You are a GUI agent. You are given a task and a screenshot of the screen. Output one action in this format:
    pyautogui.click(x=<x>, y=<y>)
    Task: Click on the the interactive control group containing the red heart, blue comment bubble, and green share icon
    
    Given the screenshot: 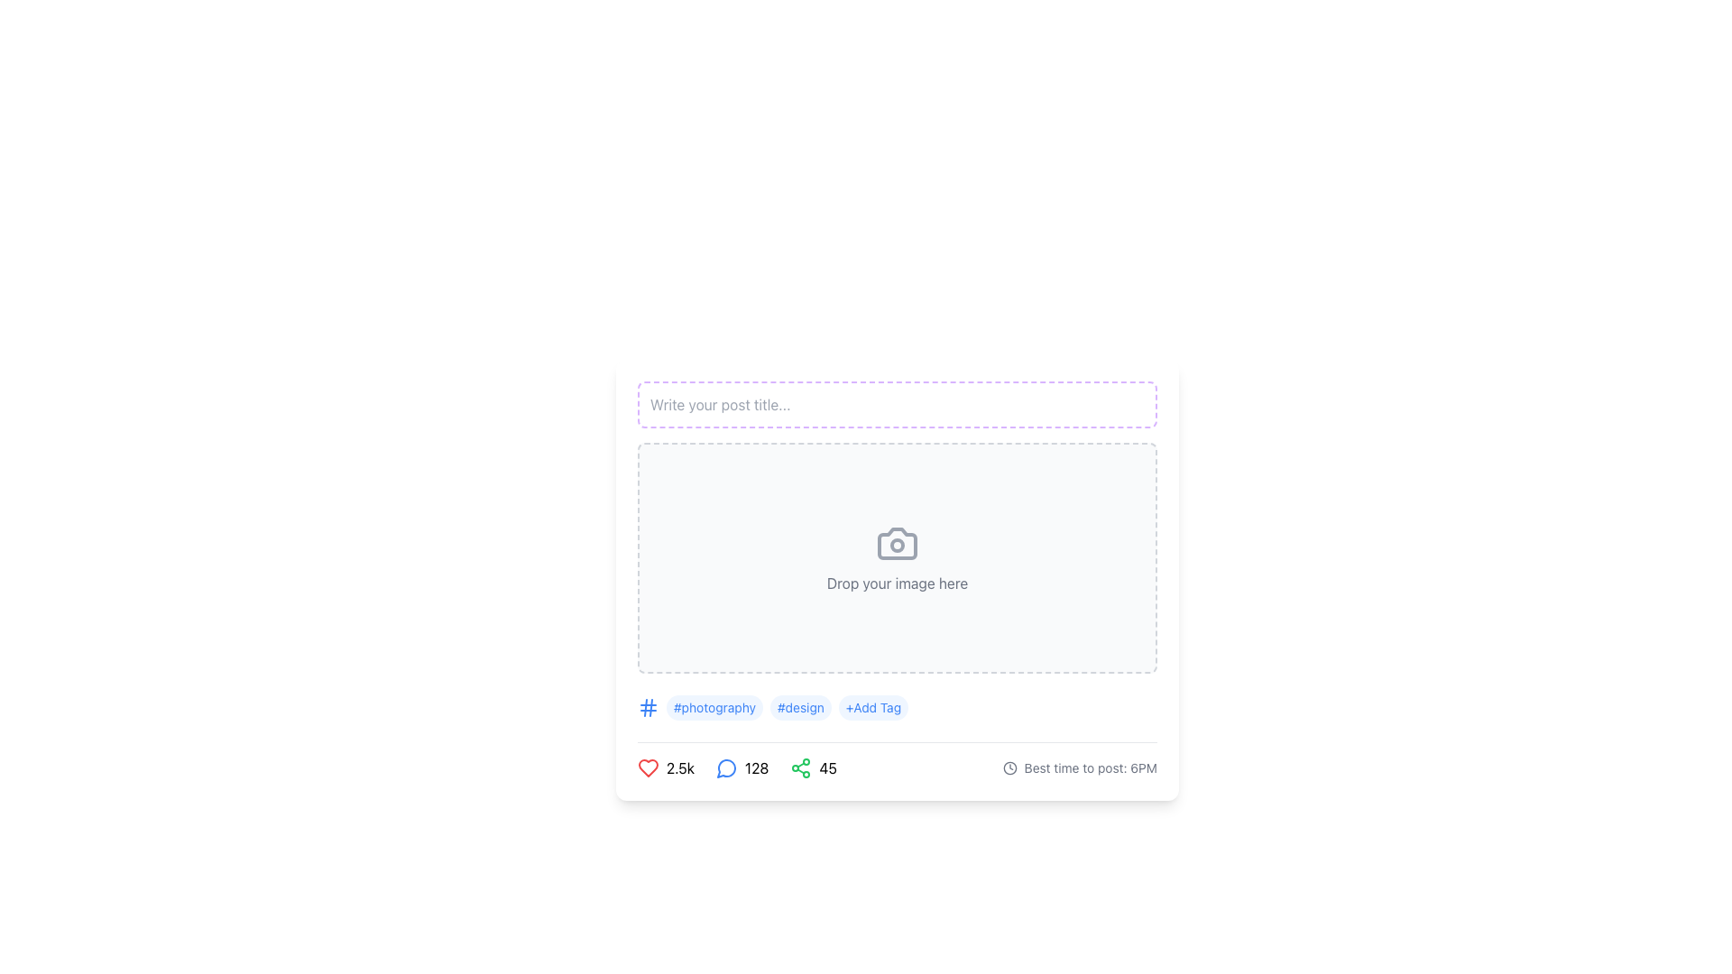 What is the action you would take?
    pyautogui.click(x=737, y=768)
    